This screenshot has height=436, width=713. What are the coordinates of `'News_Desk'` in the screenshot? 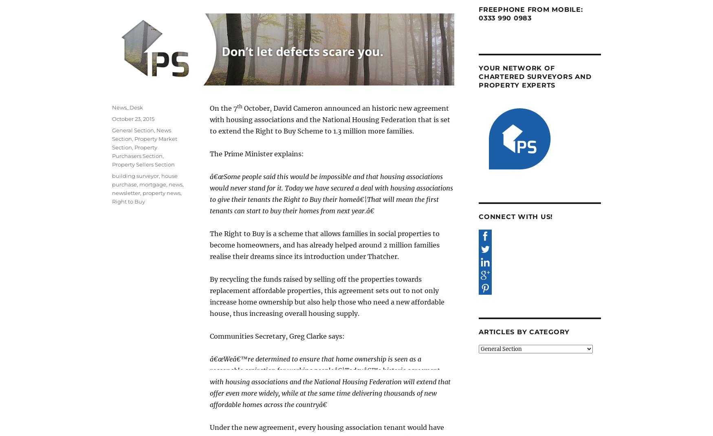 It's located at (111, 107).